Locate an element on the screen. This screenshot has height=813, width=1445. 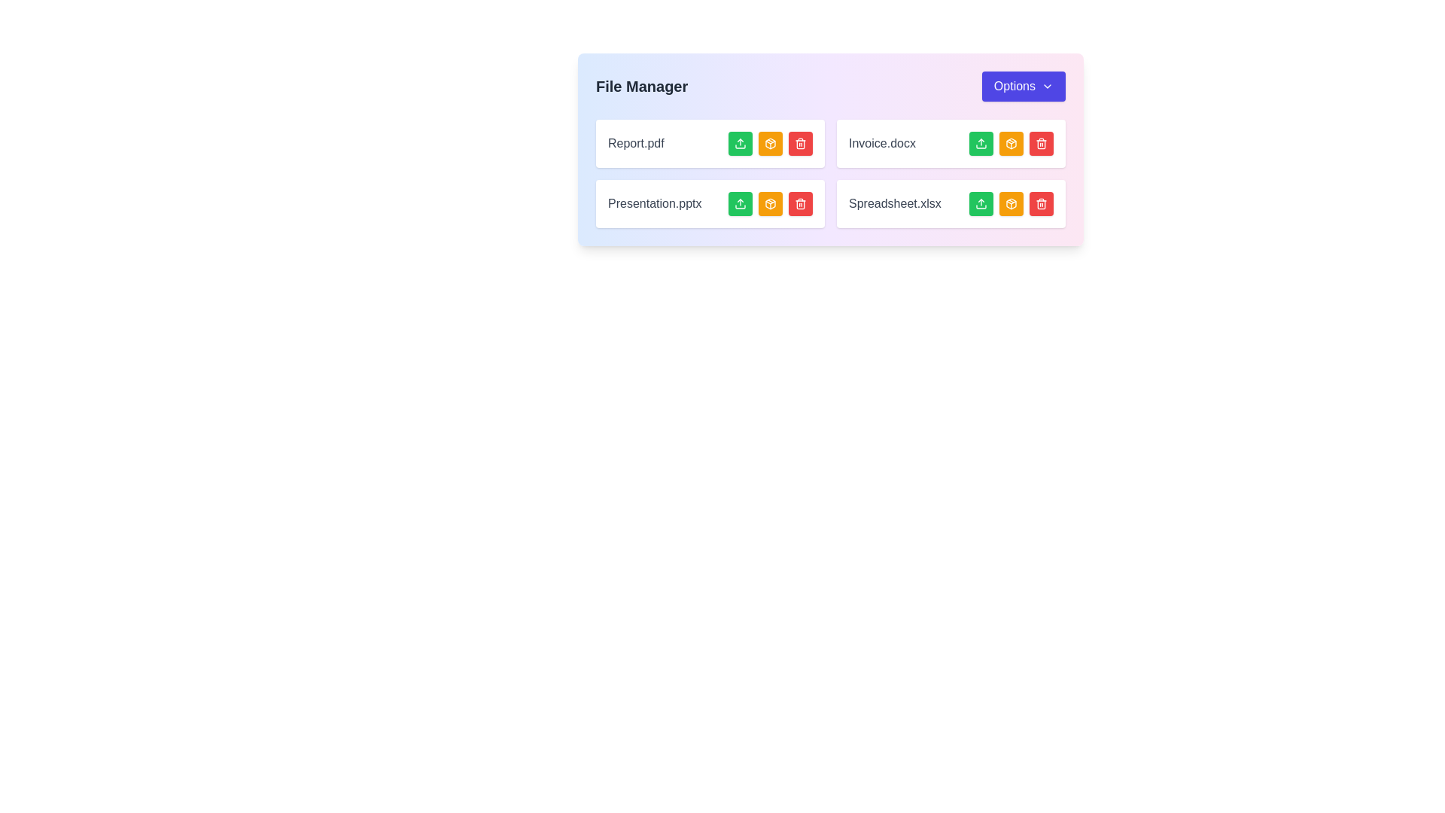
the archiving button located in the row for the file 'Report.pdf', which is the second button in a group of three is located at coordinates (770, 144).